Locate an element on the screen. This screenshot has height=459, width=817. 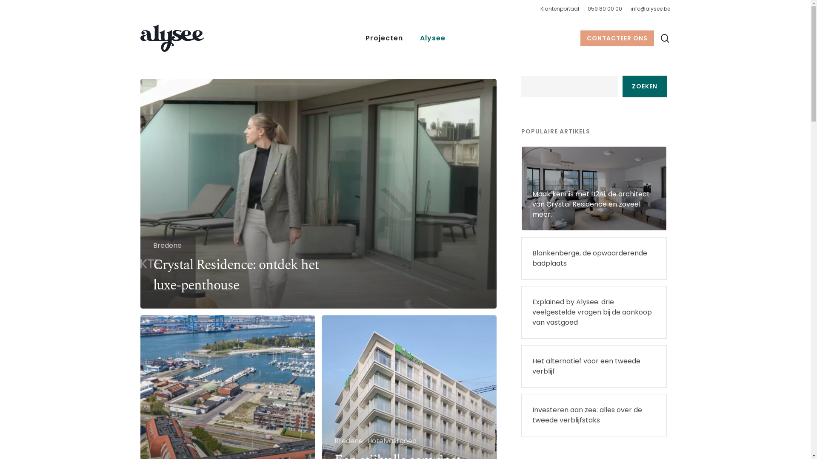
'Het alternatief voor een tweede verblijf' is located at coordinates (594, 365).